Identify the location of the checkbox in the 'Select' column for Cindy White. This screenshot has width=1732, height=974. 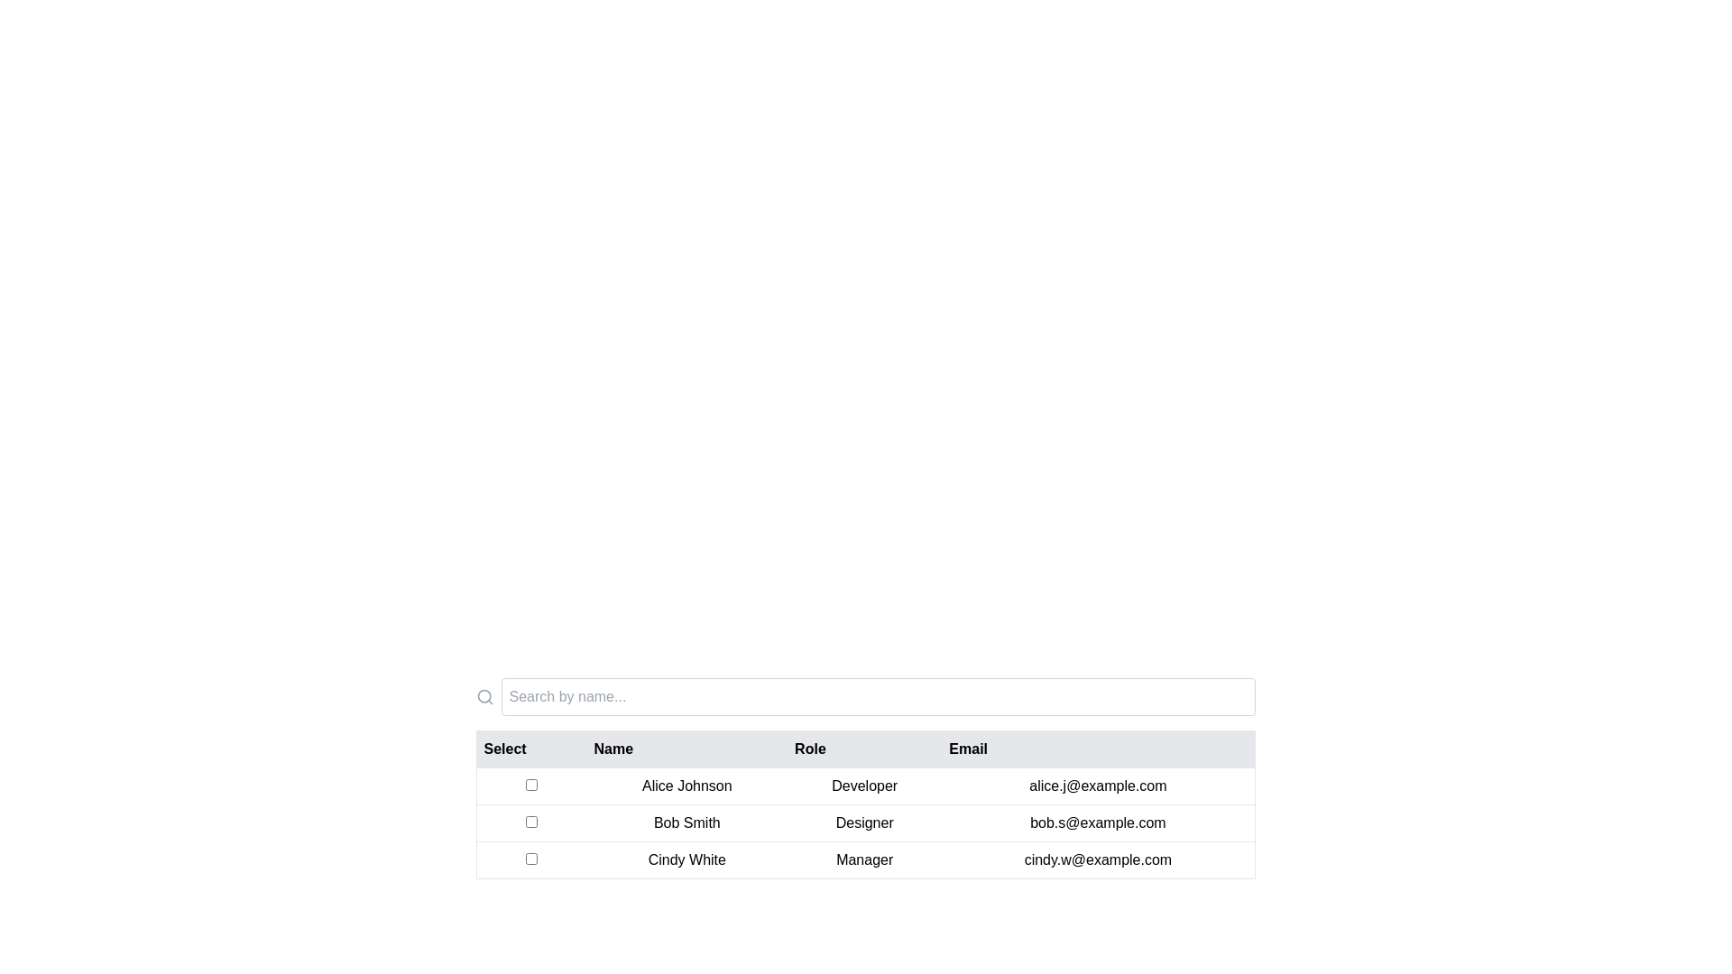
(530, 858).